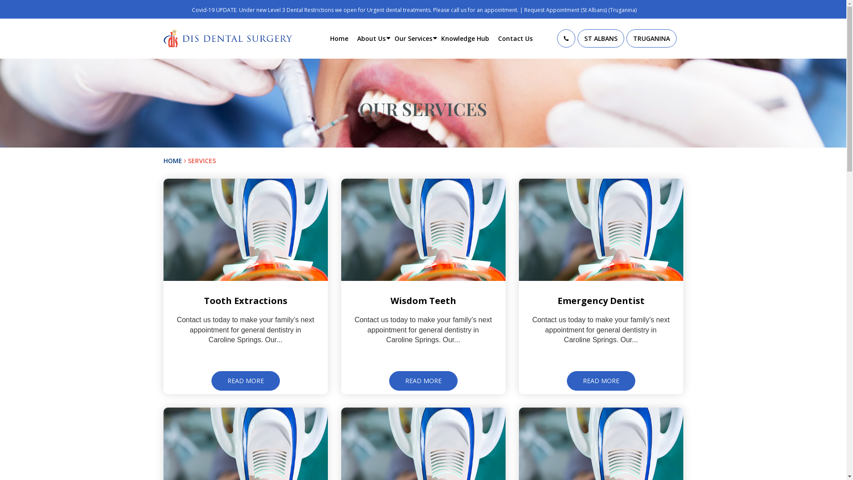 Image resolution: width=853 pixels, height=480 pixels. Describe the element at coordinates (352, 38) in the screenshot. I see `'About Us'` at that location.